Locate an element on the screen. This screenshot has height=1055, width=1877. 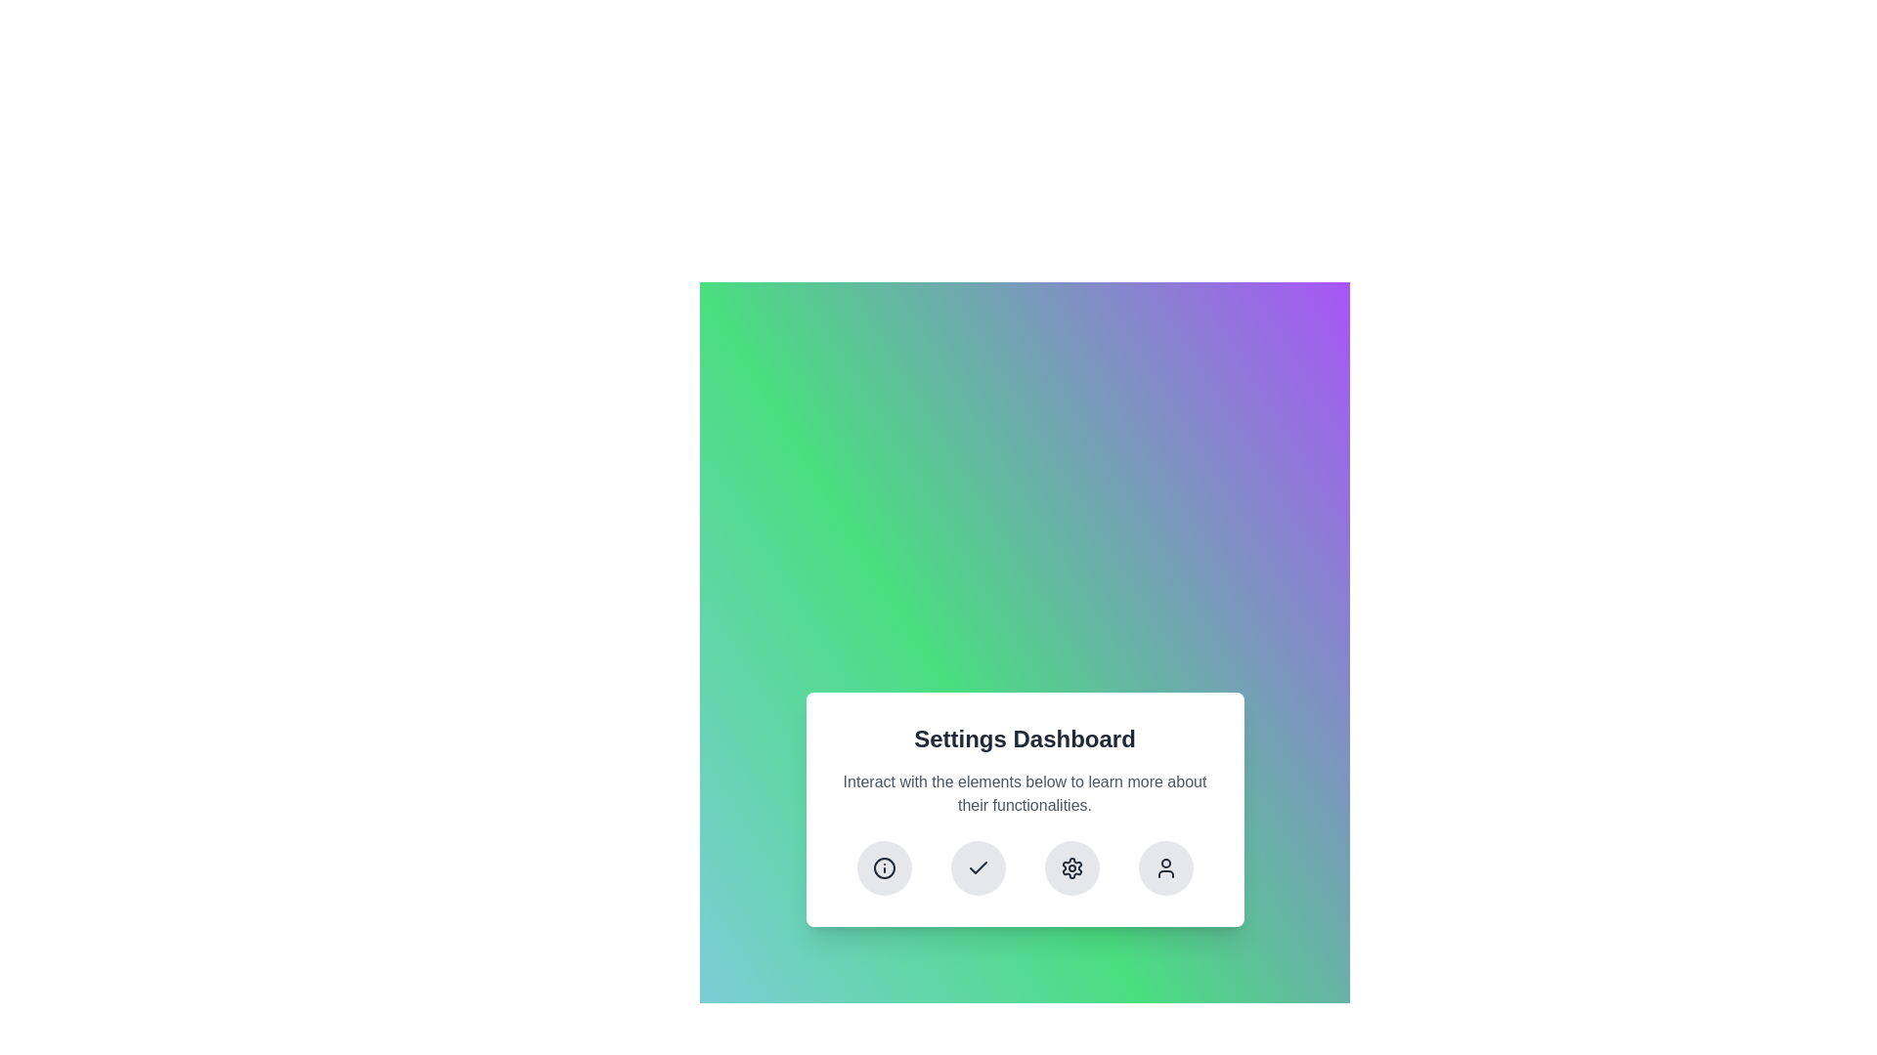
the confirmation button with a checkmark symbol located centrally among four icon-based buttons at the bottom of the 'Settings Dashboard' card is located at coordinates (978, 866).